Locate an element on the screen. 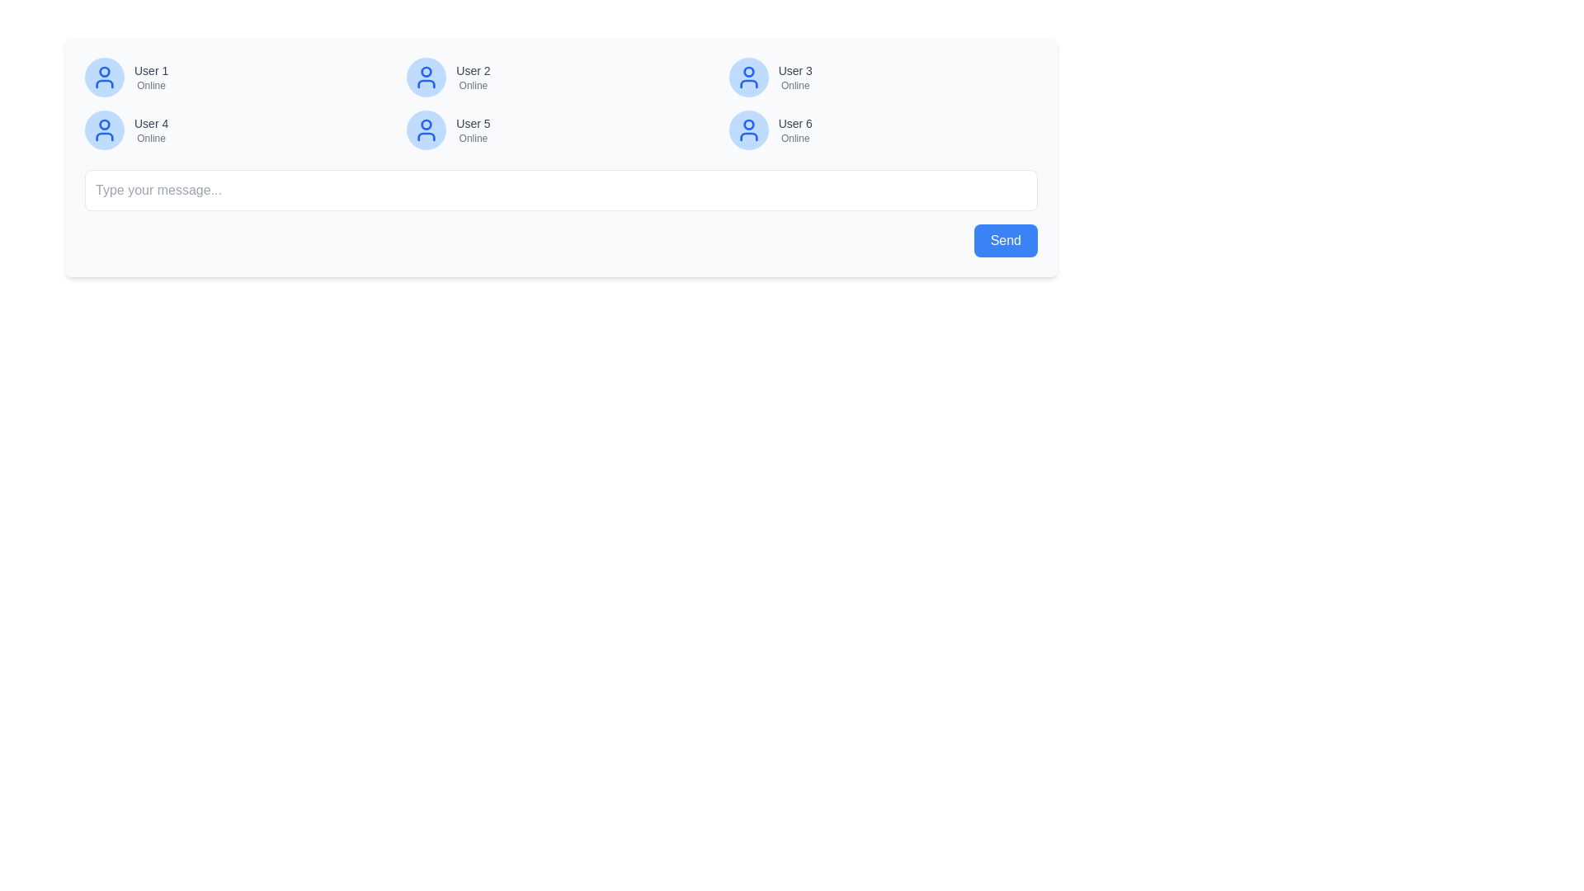  the profile summary component of 'User 5', which displays their online status and user identity, located in the bottom row, second column of the grid layout is located at coordinates (561, 130).